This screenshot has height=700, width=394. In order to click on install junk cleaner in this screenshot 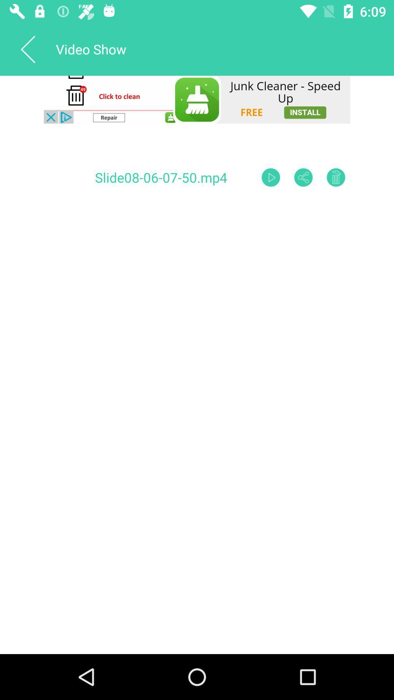, I will do `click(197, 99)`.